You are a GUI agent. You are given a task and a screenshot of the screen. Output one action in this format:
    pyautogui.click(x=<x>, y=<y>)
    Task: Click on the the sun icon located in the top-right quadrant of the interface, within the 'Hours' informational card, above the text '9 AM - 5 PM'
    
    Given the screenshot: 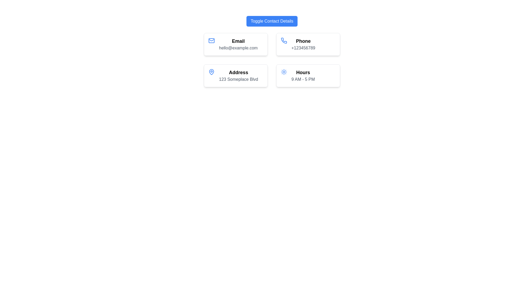 What is the action you would take?
    pyautogui.click(x=283, y=72)
    